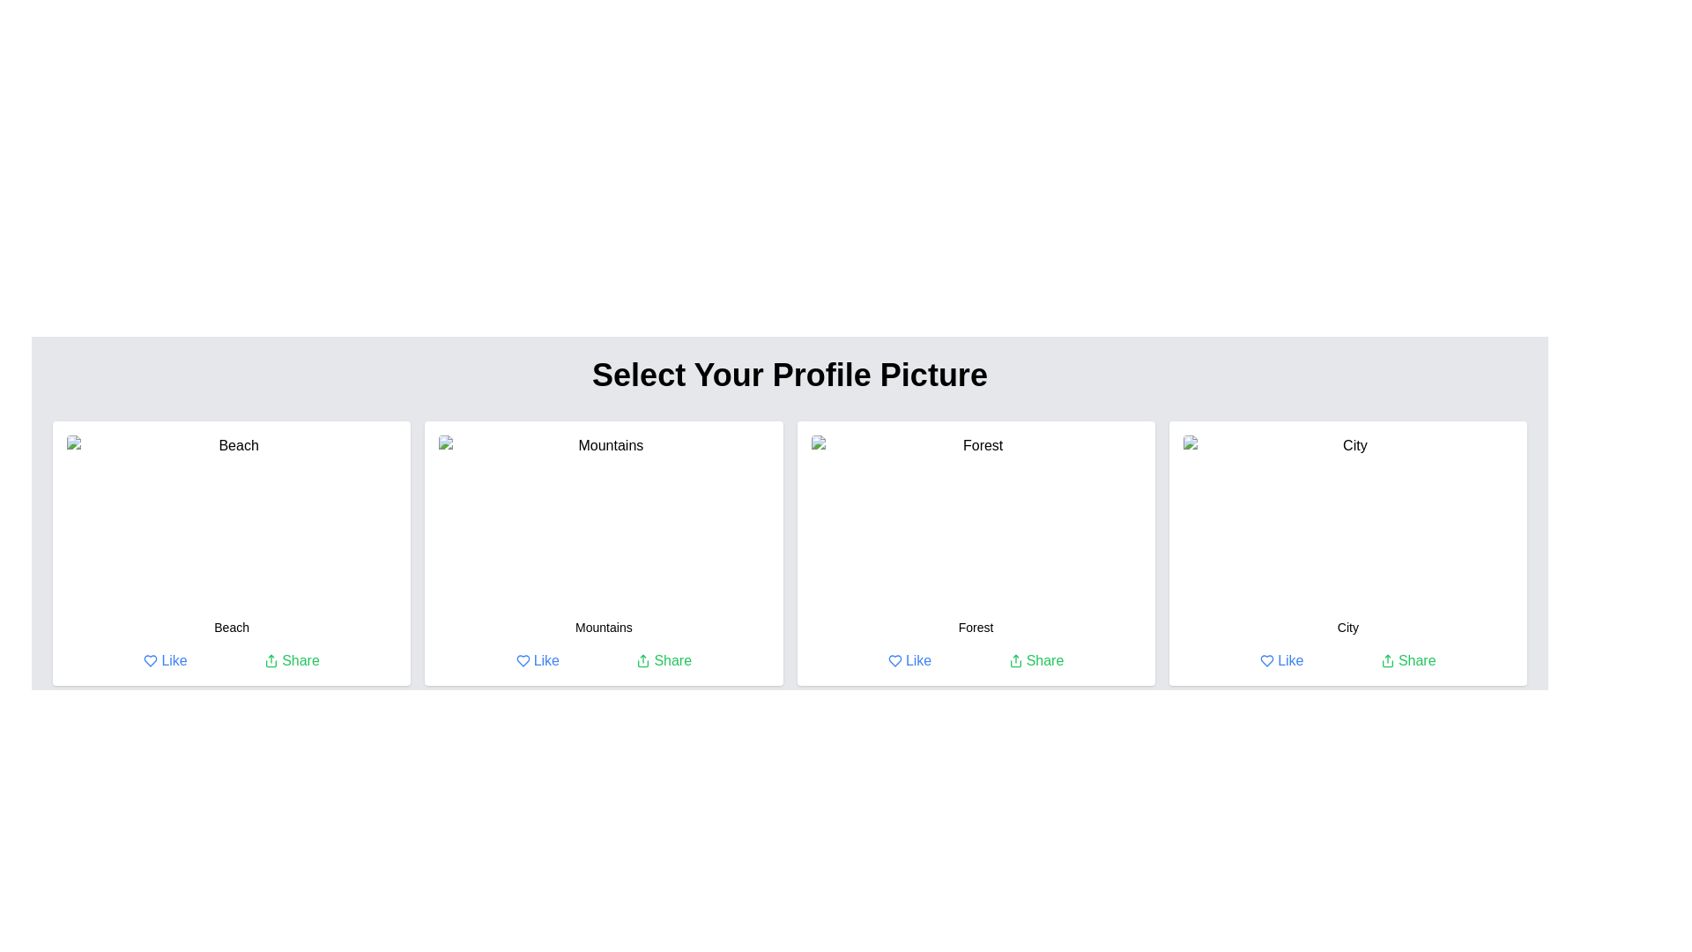  What do you see at coordinates (909, 660) in the screenshot?
I see `the like button located below the 'Forest' image and caption in the 'Select Your Profile Picture' interface to register your preference for the image` at bounding box center [909, 660].